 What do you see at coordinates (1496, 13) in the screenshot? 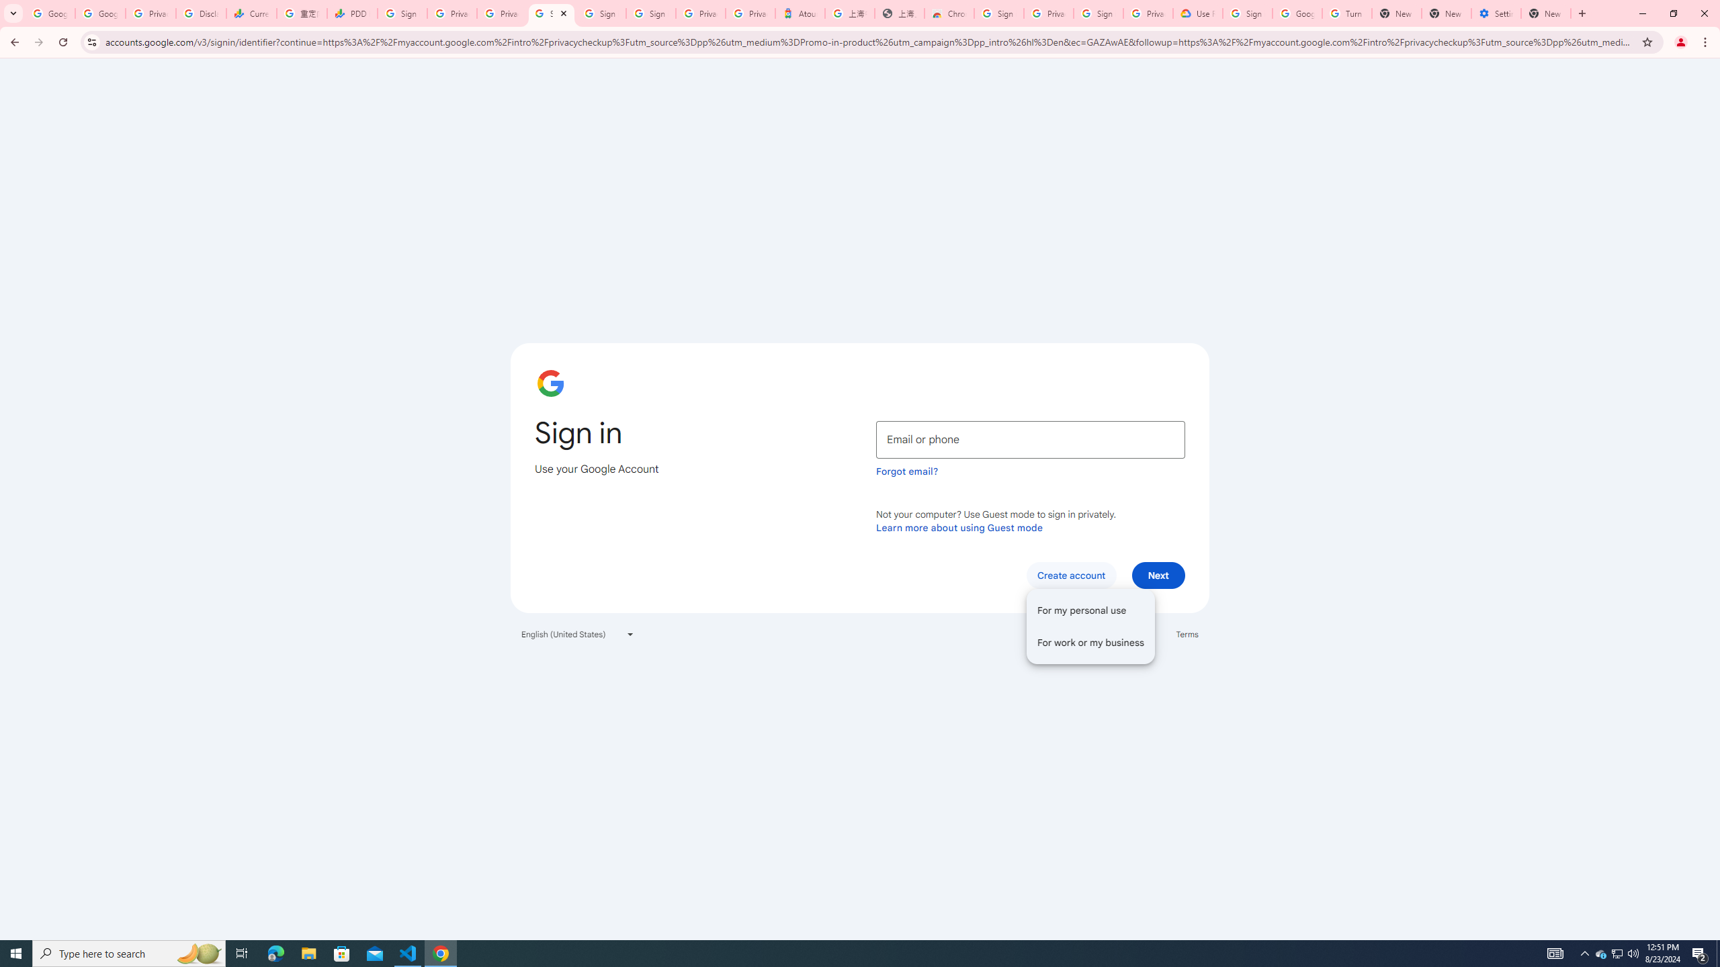
I see `'Settings - System'` at bounding box center [1496, 13].